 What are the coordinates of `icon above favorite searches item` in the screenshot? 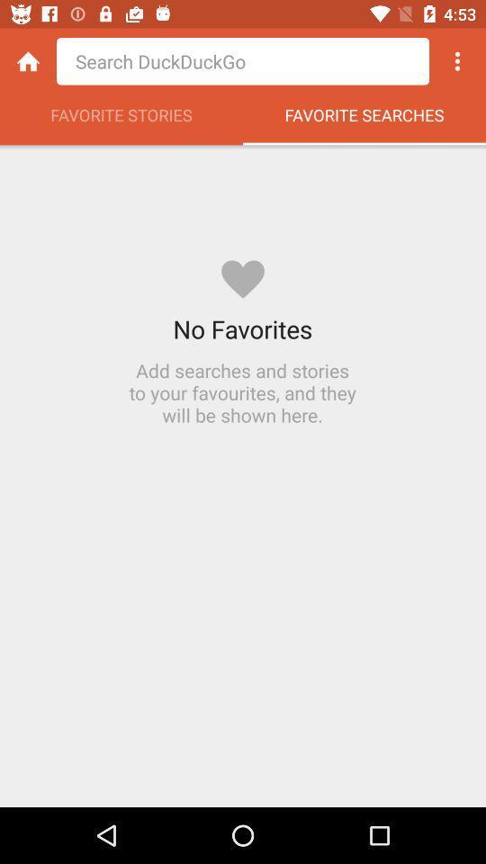 It's located at (457, 61).